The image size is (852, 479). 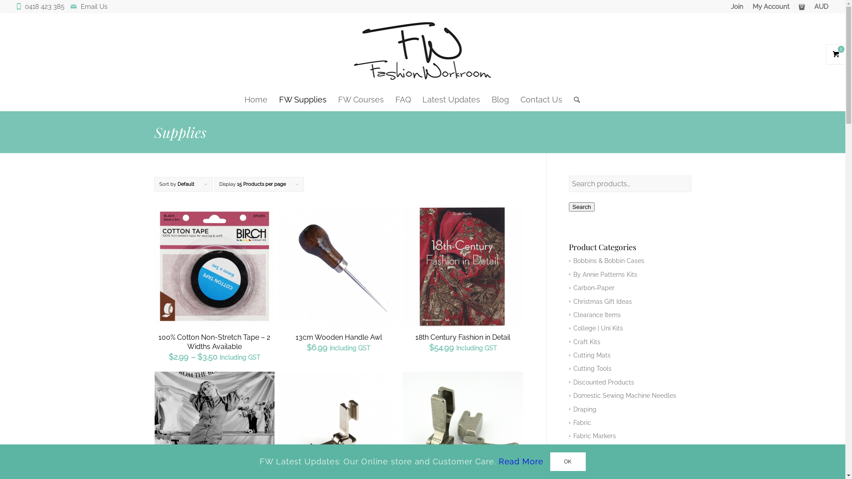 I want to click on 'Draping', so click(x=583, y=409).